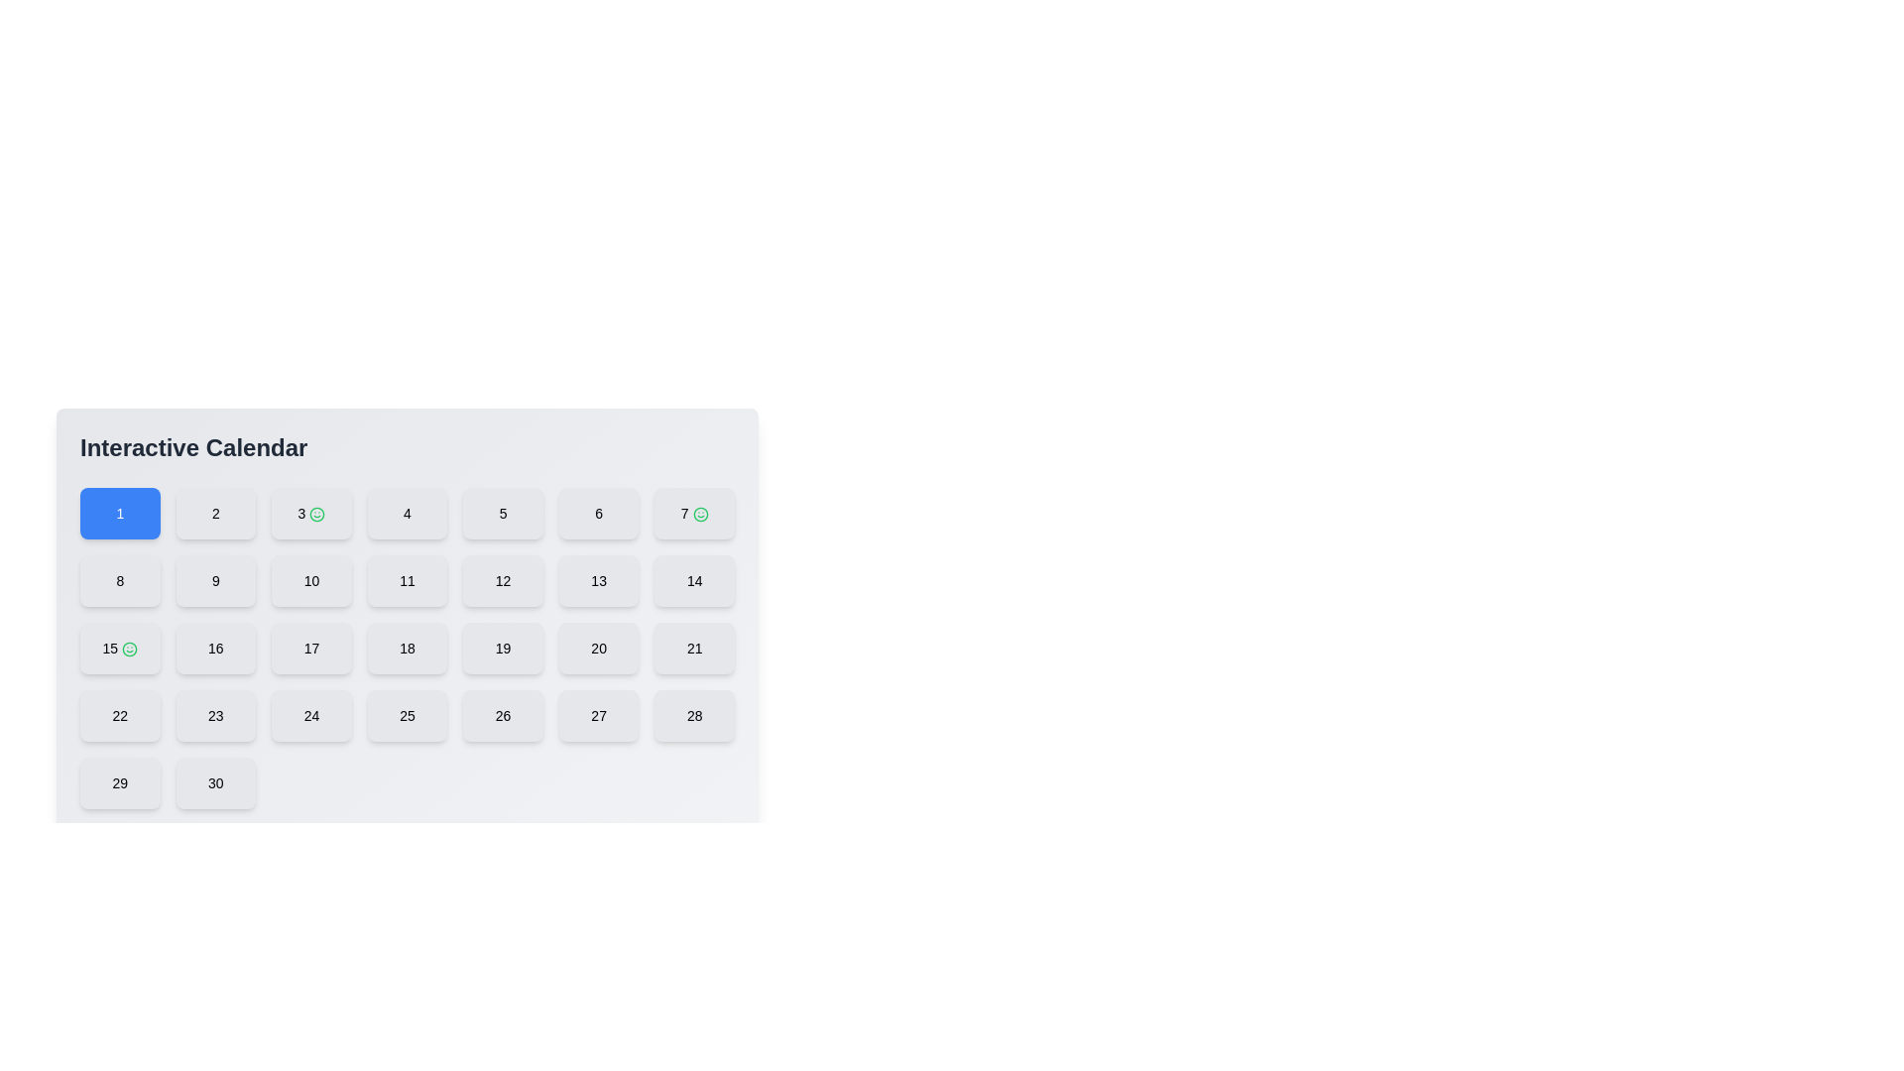 The height and width of the screenshot is (1071, 1904). What do you see at coordinates (119, 715) in the screenshot?
I see `the calendar date button labeled '22' located in the sixth row and first column of the calendar grid` at bounding box center [119, 715].